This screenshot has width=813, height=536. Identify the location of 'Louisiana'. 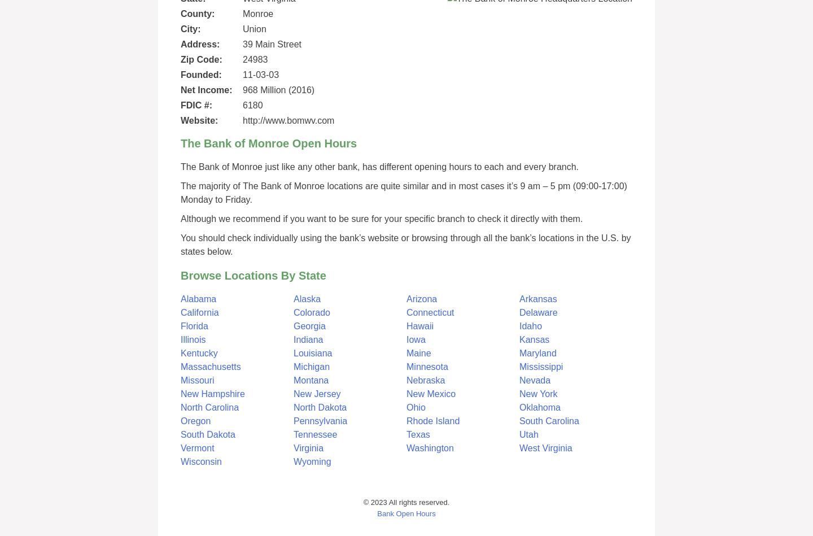
(312, 352).